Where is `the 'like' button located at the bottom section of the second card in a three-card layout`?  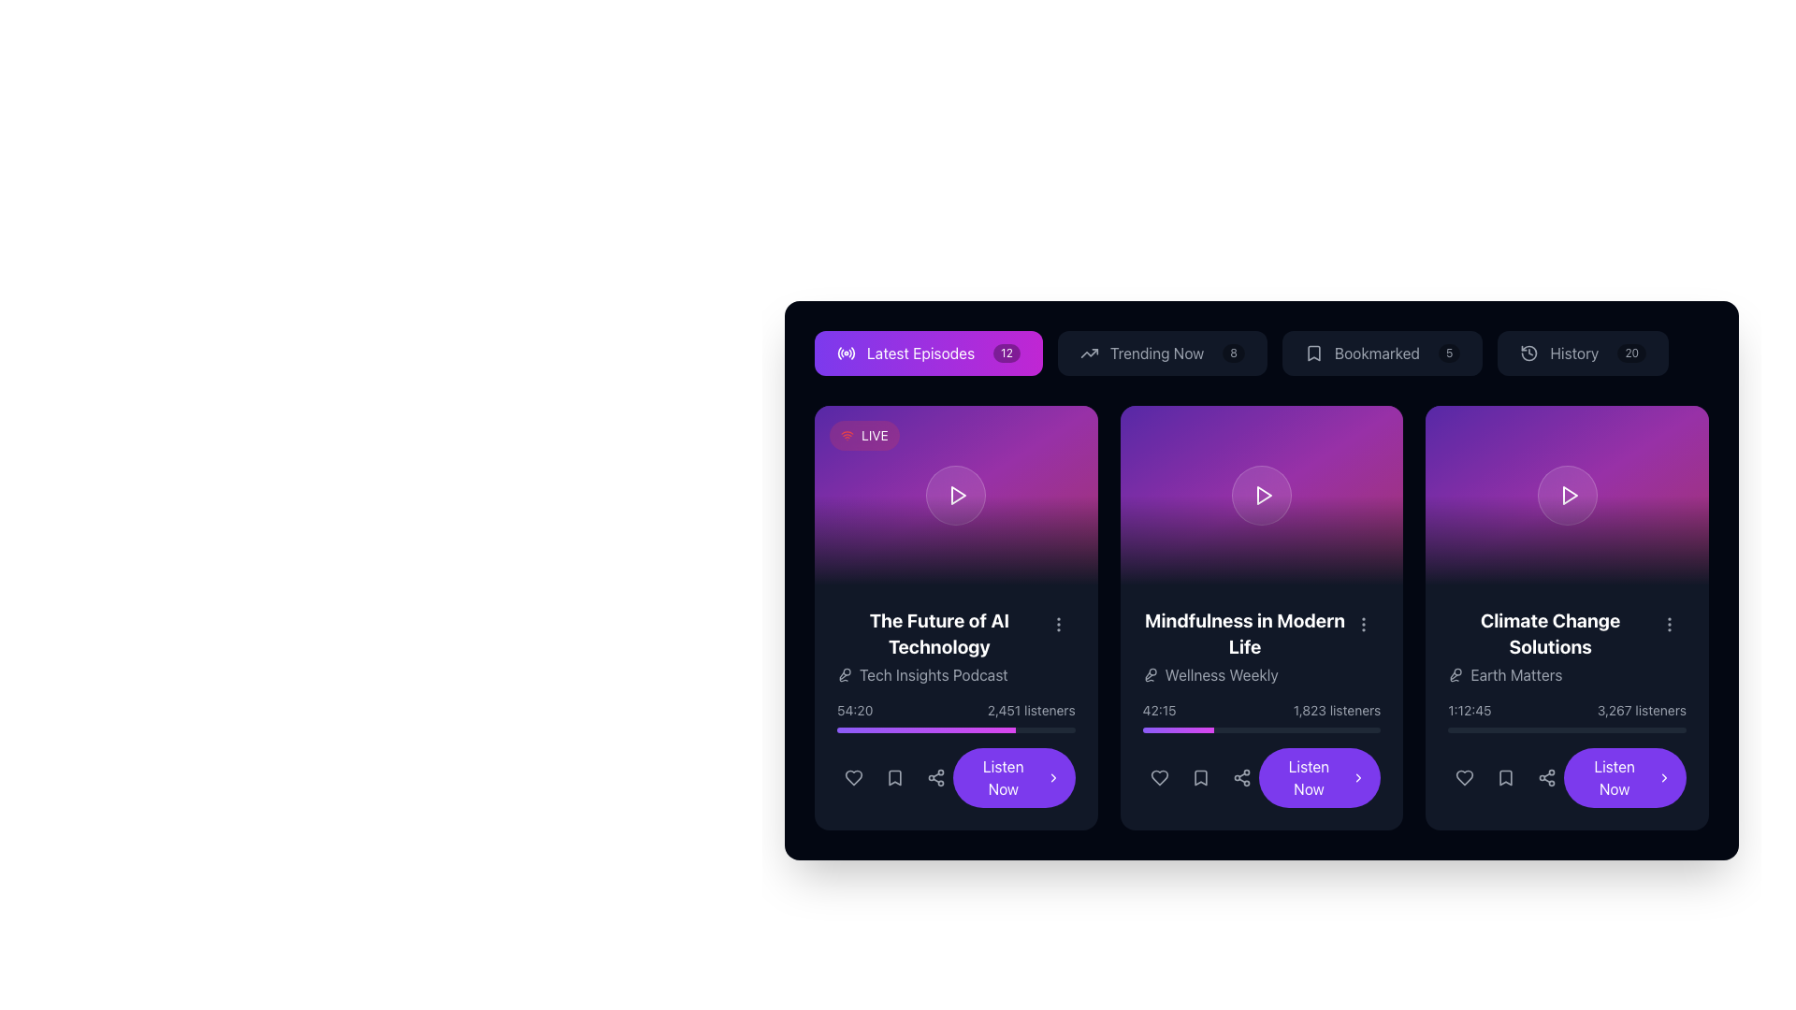 the 'like' button located at the bottom section of the second card in a three-card layout is located at coordinates (1158, 778).